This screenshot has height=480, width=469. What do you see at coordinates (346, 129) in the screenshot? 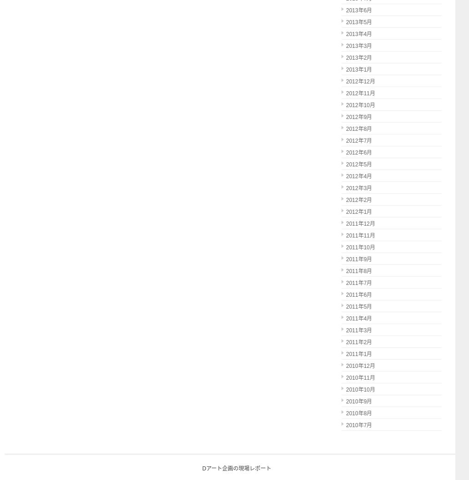
I see `'2012年8月'` at bounding box center [346, 129].